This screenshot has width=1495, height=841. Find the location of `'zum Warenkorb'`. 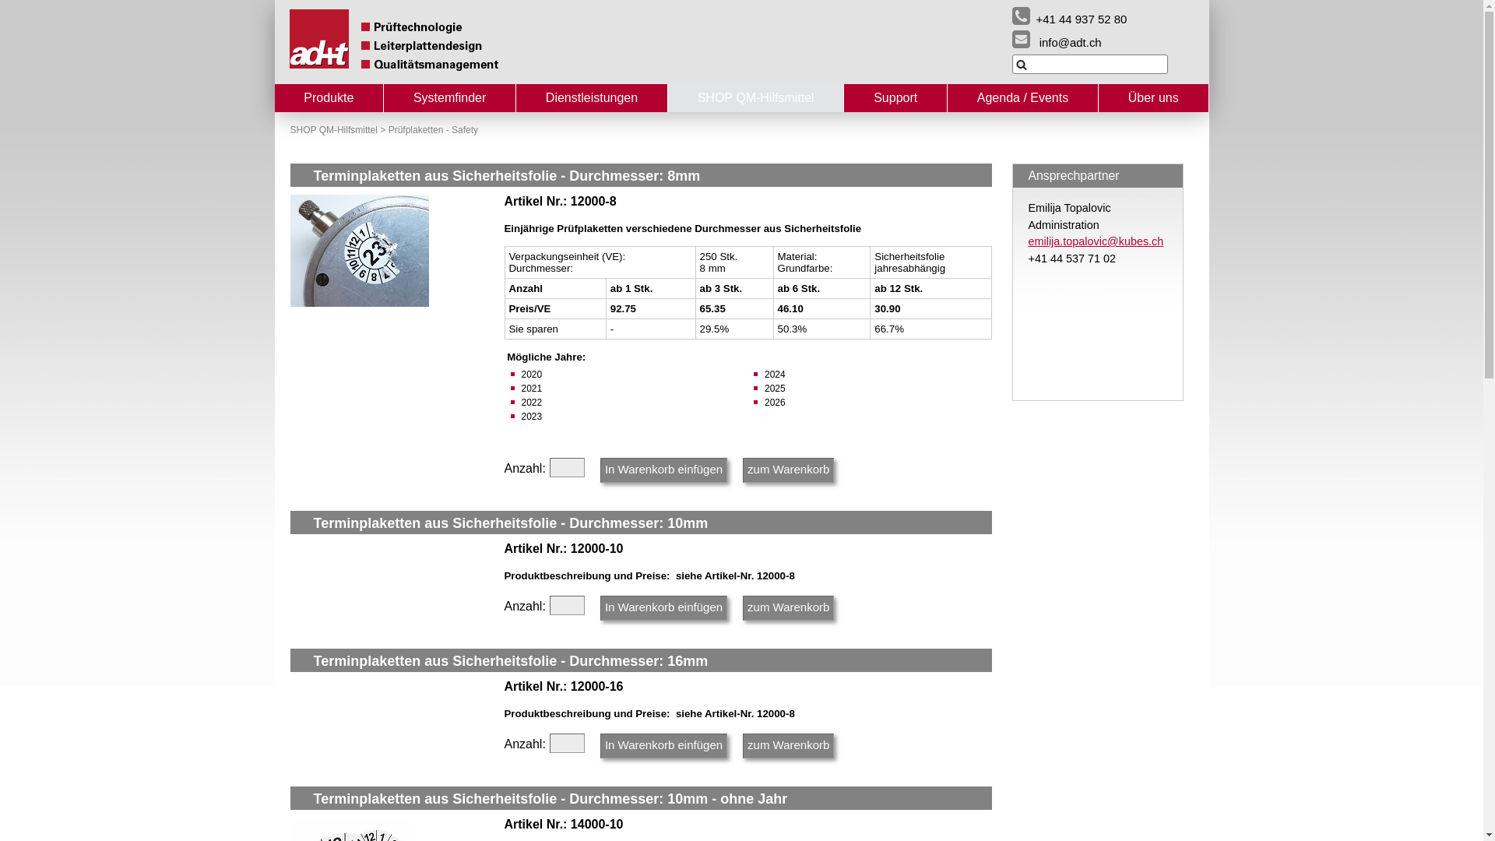

'zum Warenkorb' is located at coordinates (788, 607).